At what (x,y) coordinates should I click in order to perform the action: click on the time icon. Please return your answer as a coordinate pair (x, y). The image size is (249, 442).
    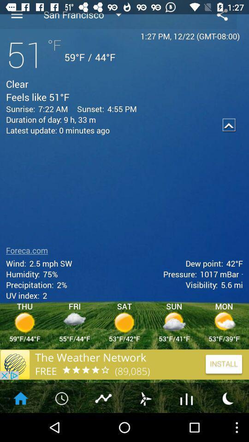
    Looking at the image, I should click on (62, 426).